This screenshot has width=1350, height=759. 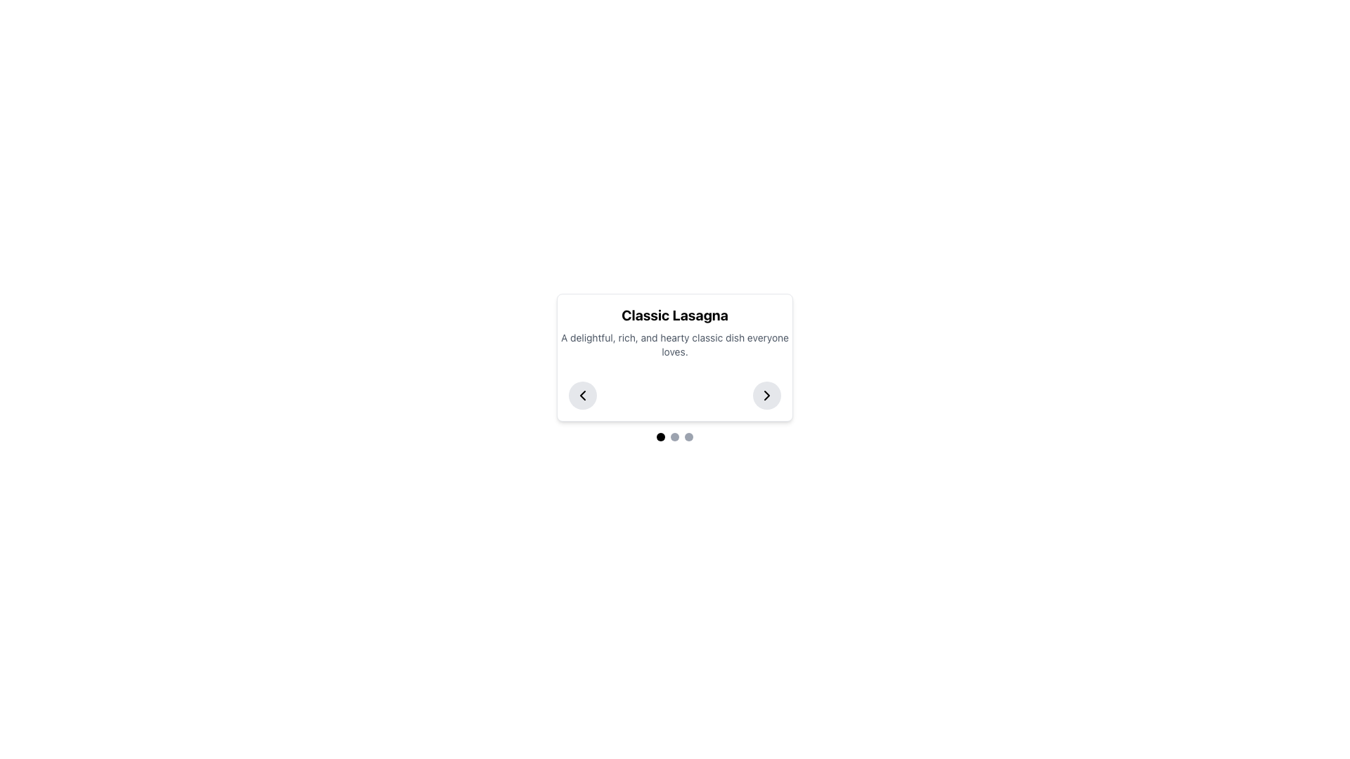 I want to click on the arrow icon within the button on the bottom-right of the 'Classic Lasagna' card, so click(x=766, y=396).